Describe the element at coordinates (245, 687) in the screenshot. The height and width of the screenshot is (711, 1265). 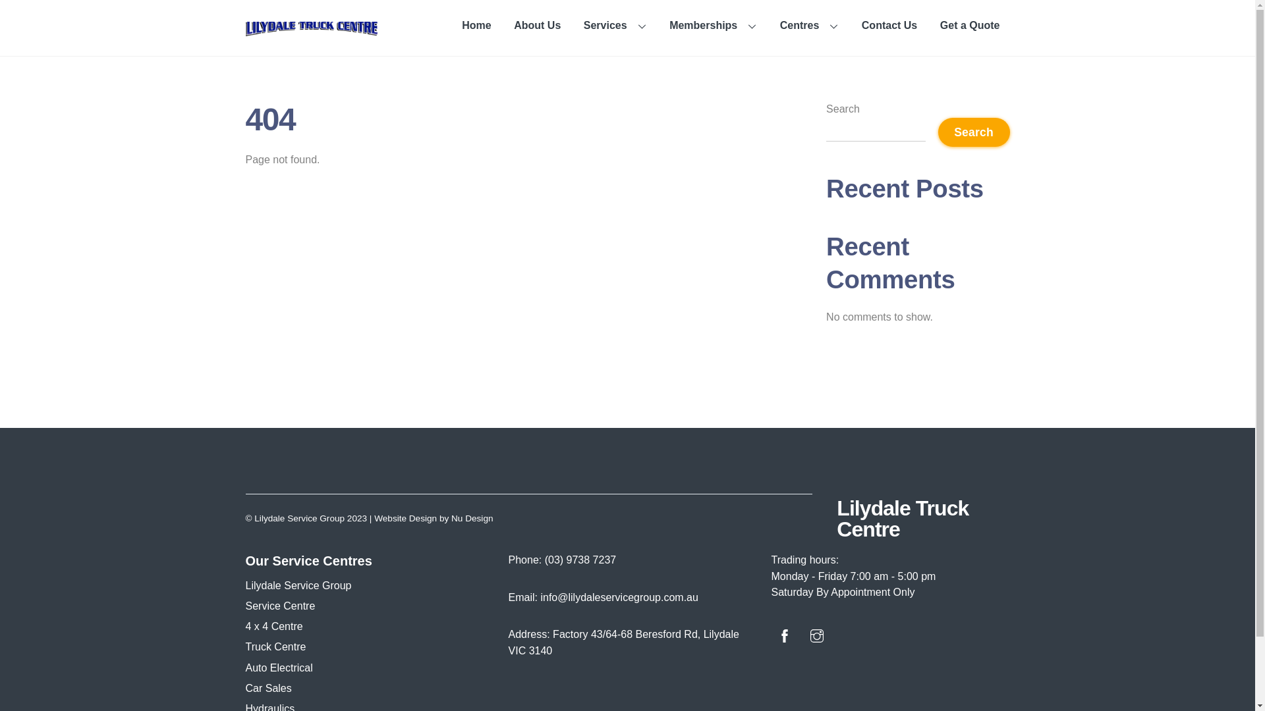
I see `'Car Sales'` at that location.